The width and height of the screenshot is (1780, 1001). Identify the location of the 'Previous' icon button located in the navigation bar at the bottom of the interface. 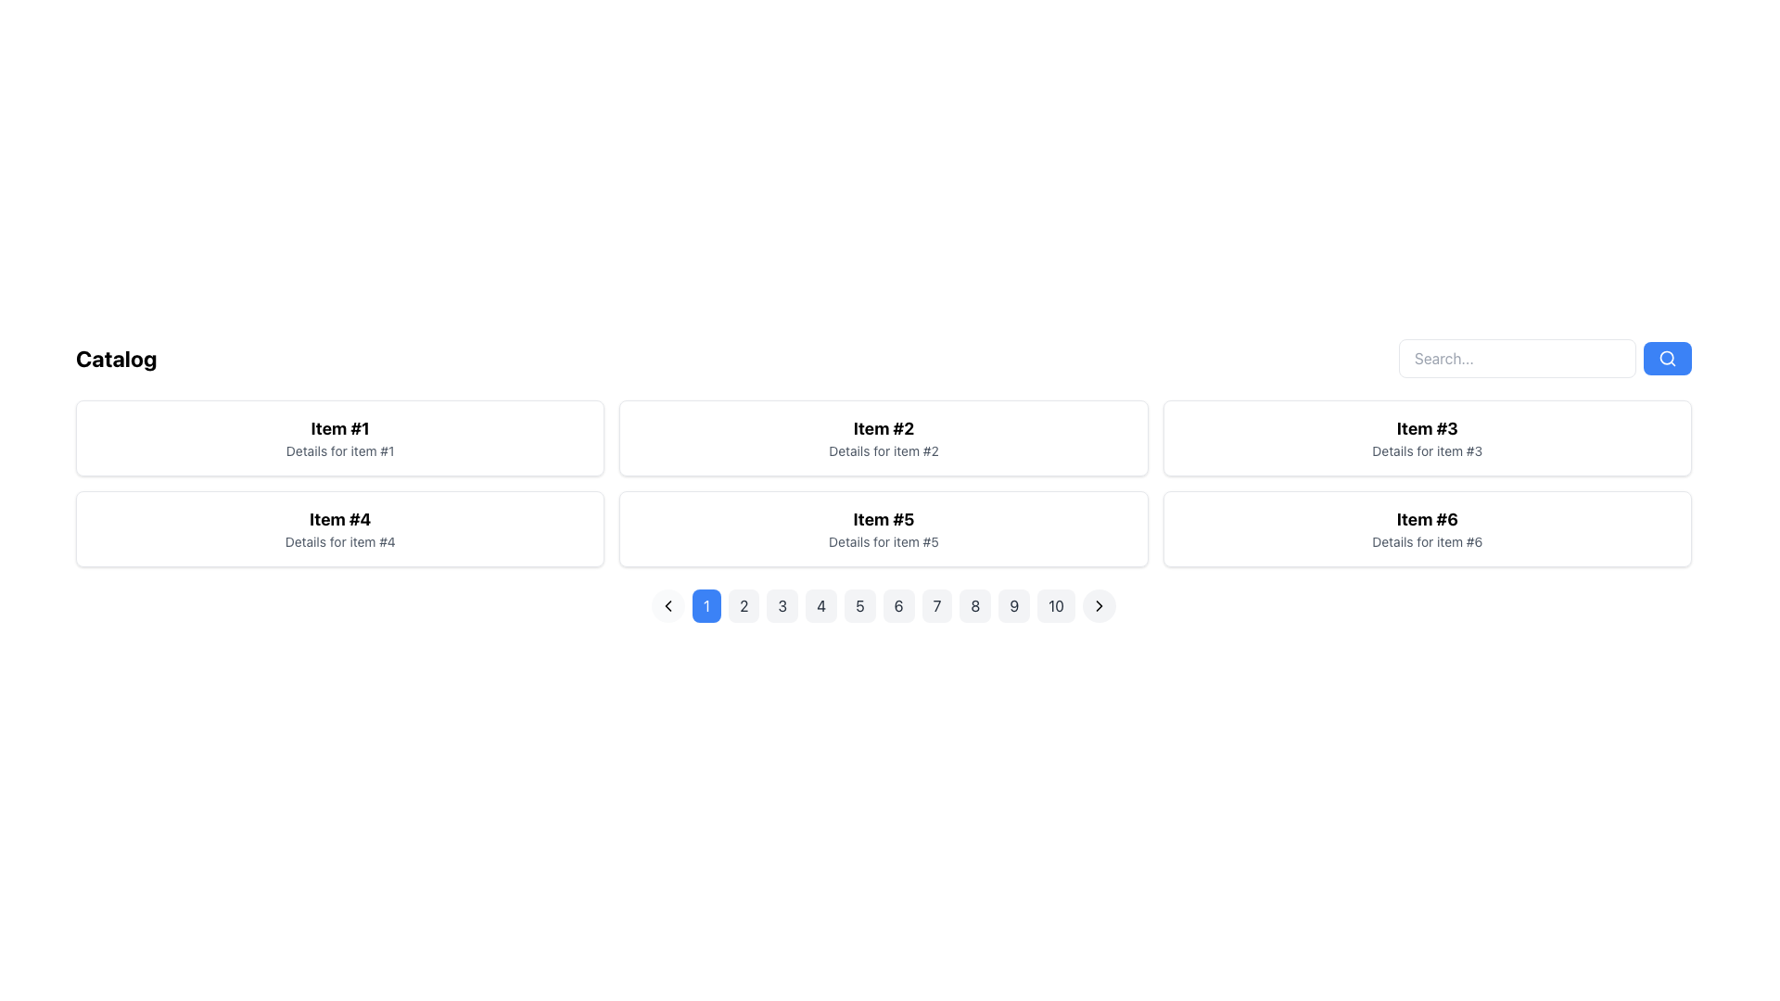
(667, 606).